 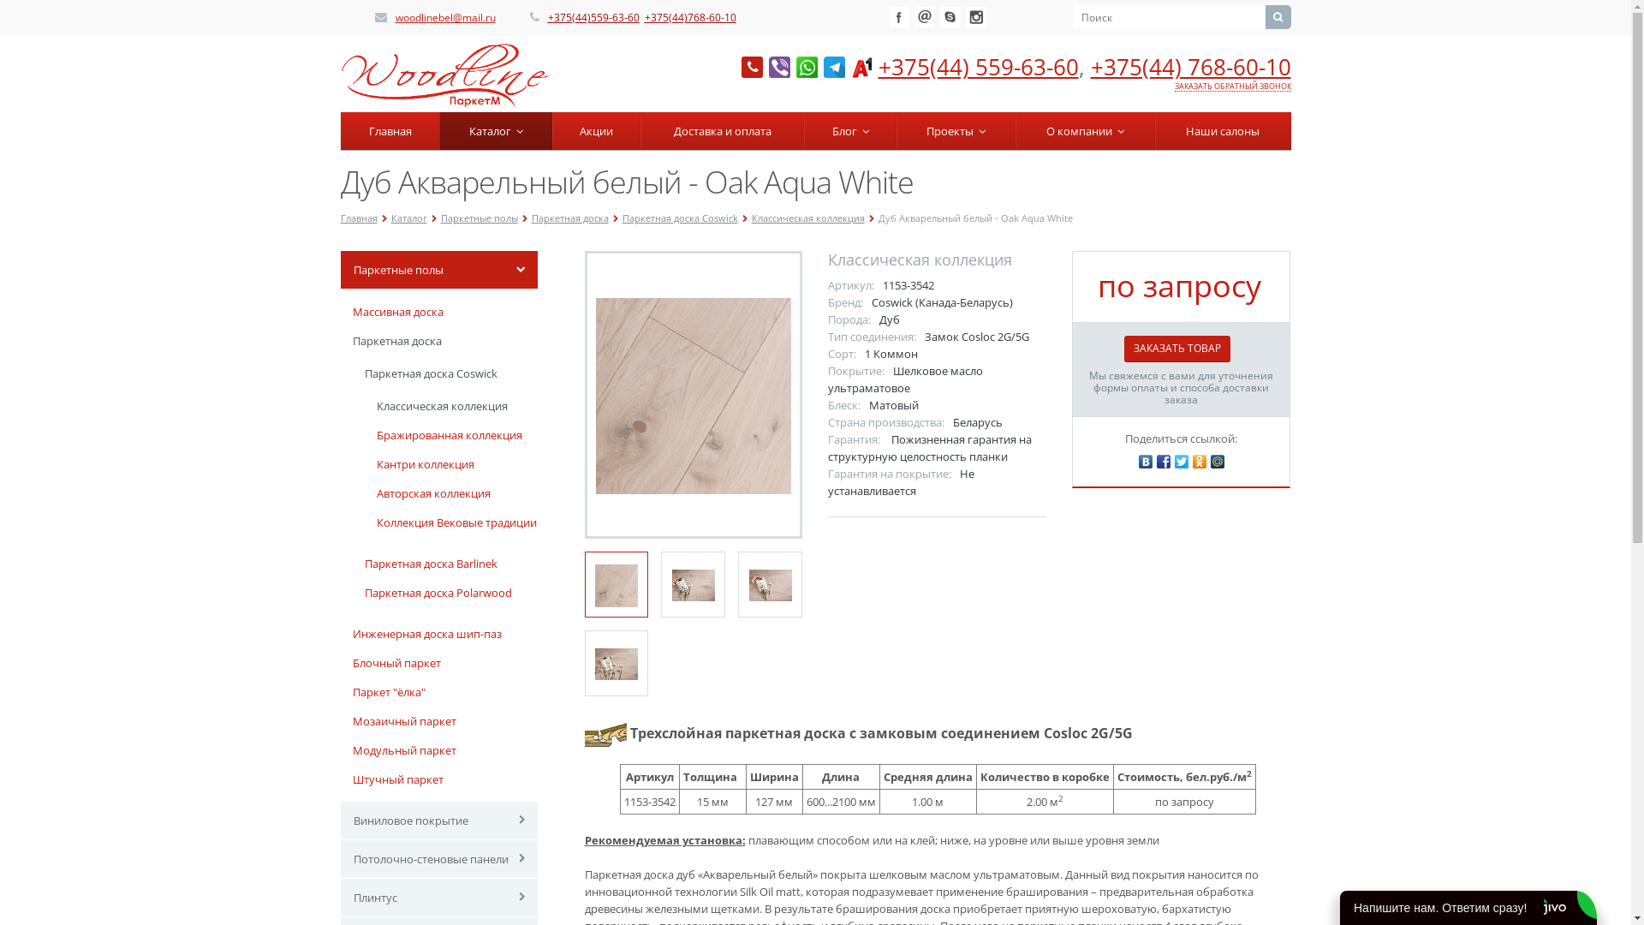 What do you see at coordinates (546, 17) in the screenshot?
I see `'+375(44)559-63-60'` at bounding box center [546, 17].